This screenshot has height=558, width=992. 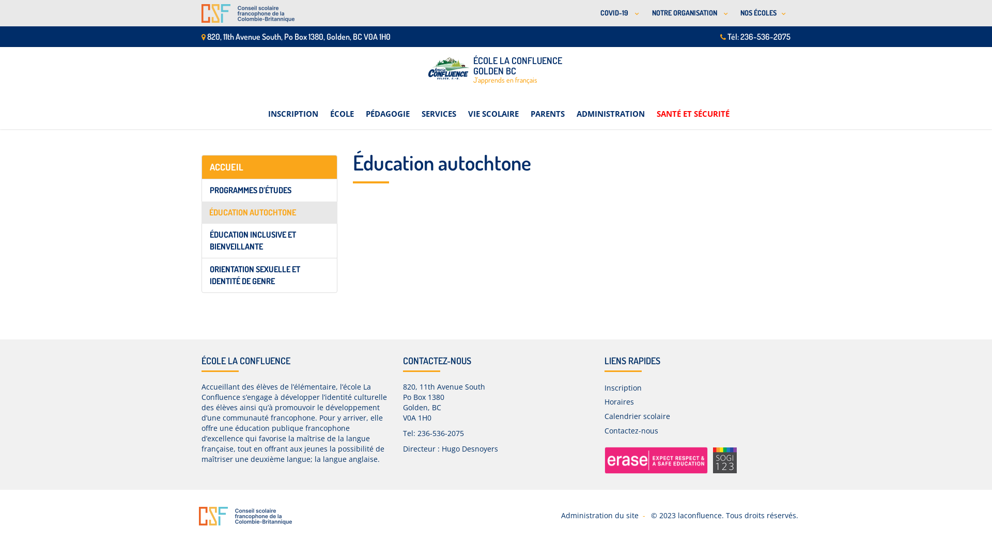 I want to click on 'Administration du site', so click(x=600, y=515).